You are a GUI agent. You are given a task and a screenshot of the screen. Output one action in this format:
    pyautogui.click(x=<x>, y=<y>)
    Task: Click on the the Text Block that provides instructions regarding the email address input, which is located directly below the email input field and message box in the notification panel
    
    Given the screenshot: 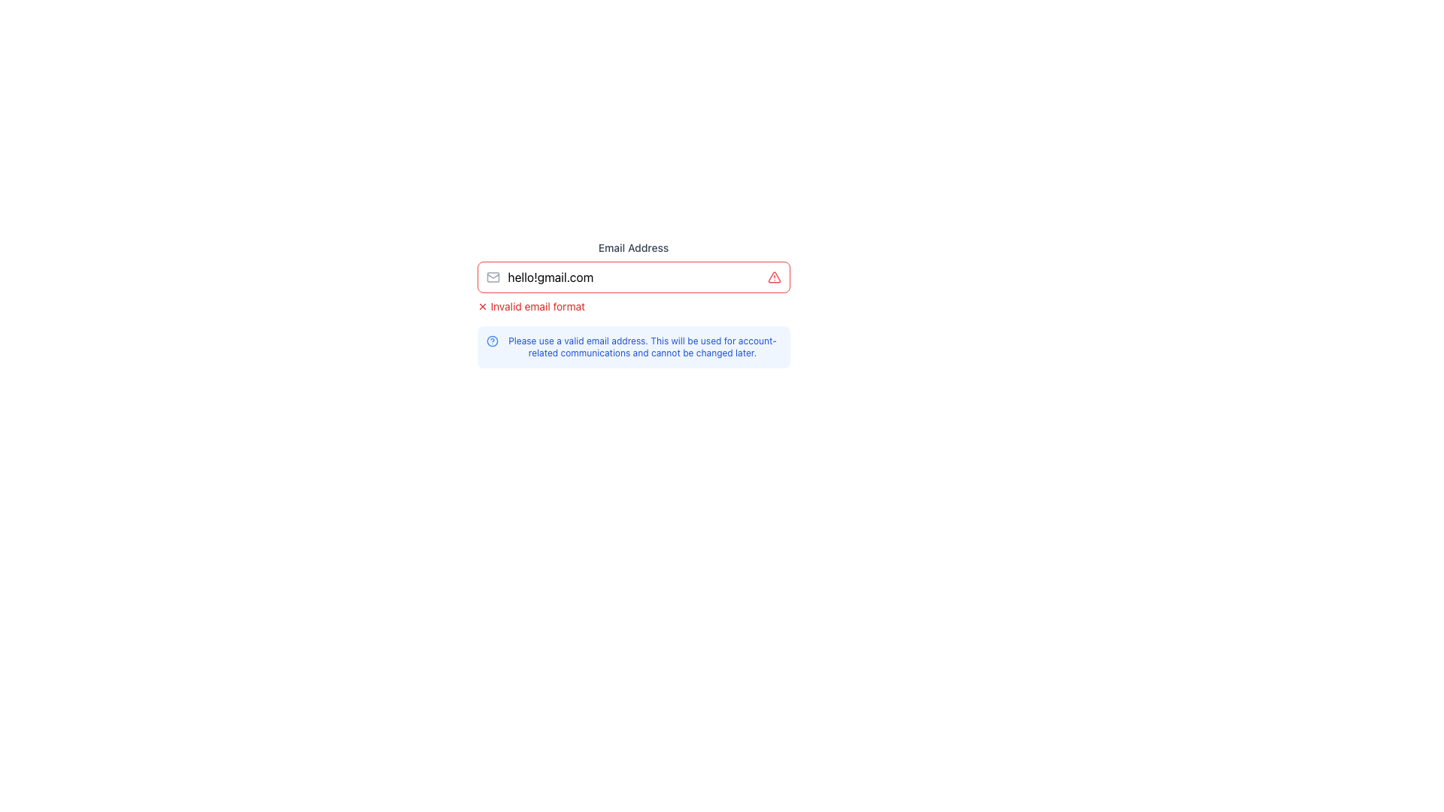 What is the action you would take?
    pyautogui.click(x=642, y=347)
    